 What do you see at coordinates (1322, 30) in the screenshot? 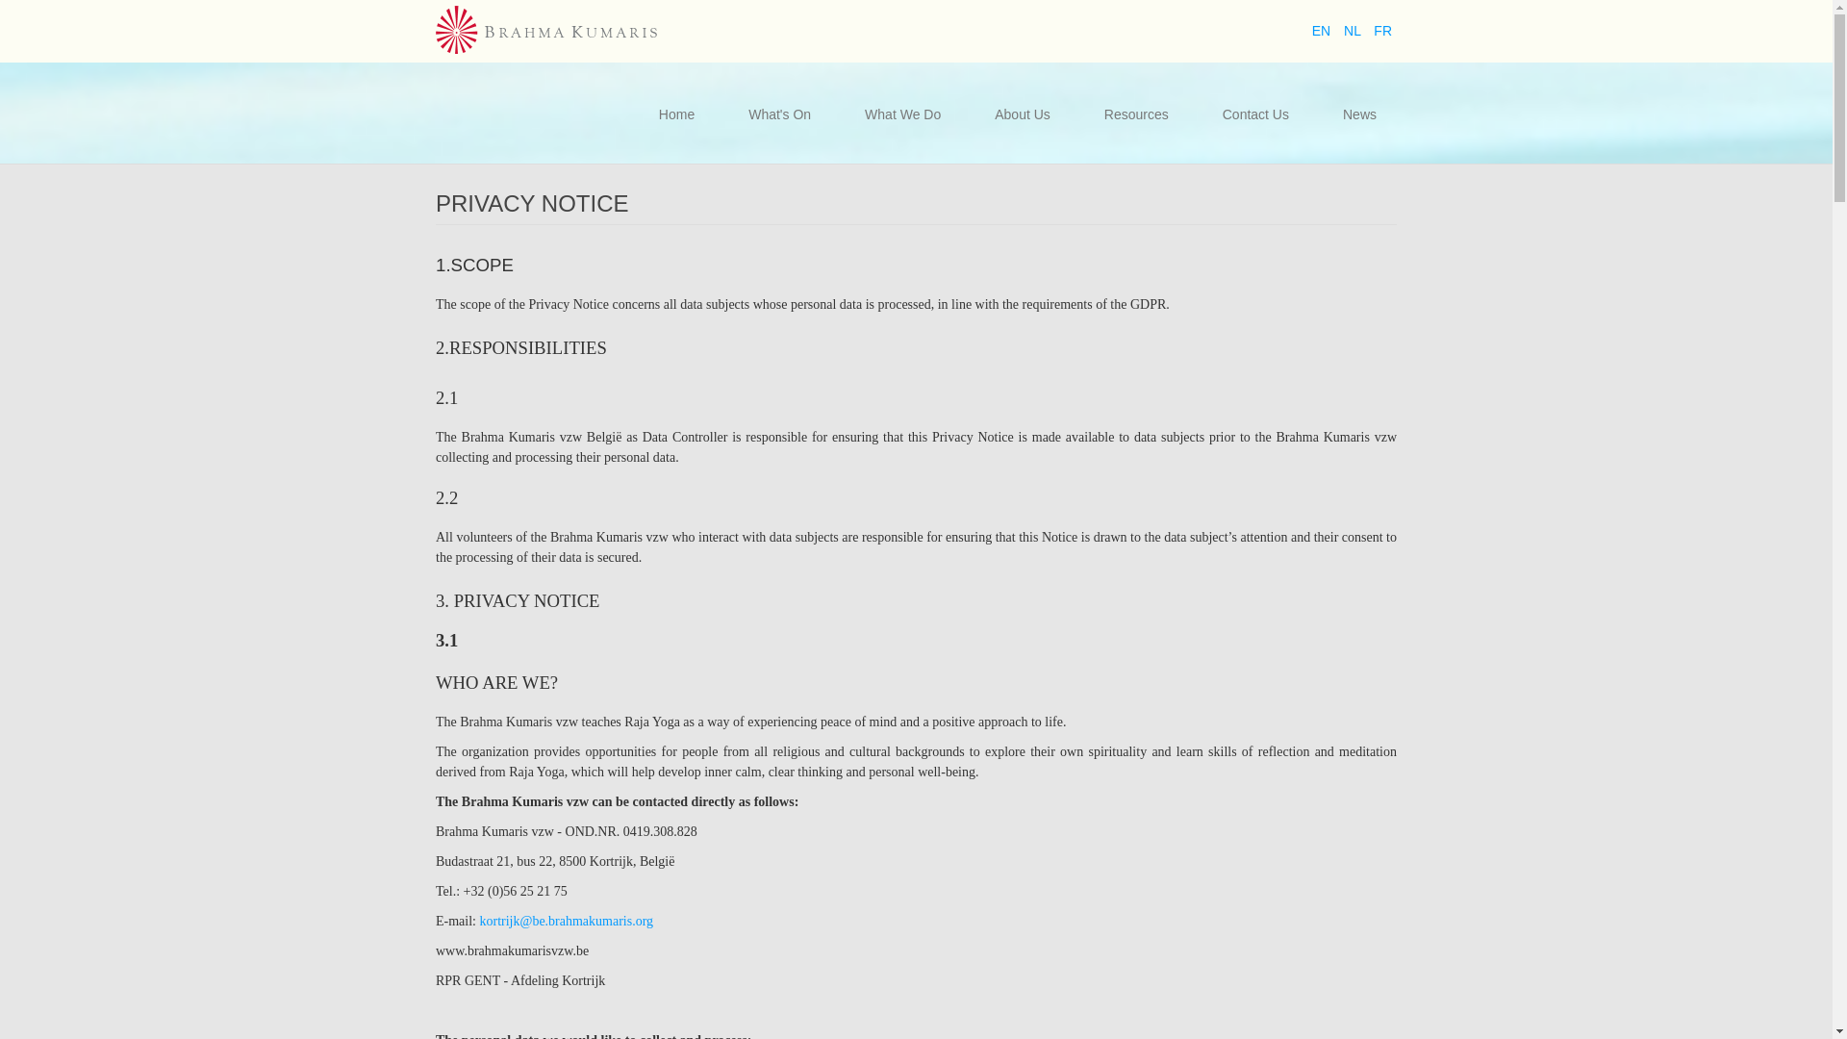
I see `'EN'` at bounding box center [1322, 30].